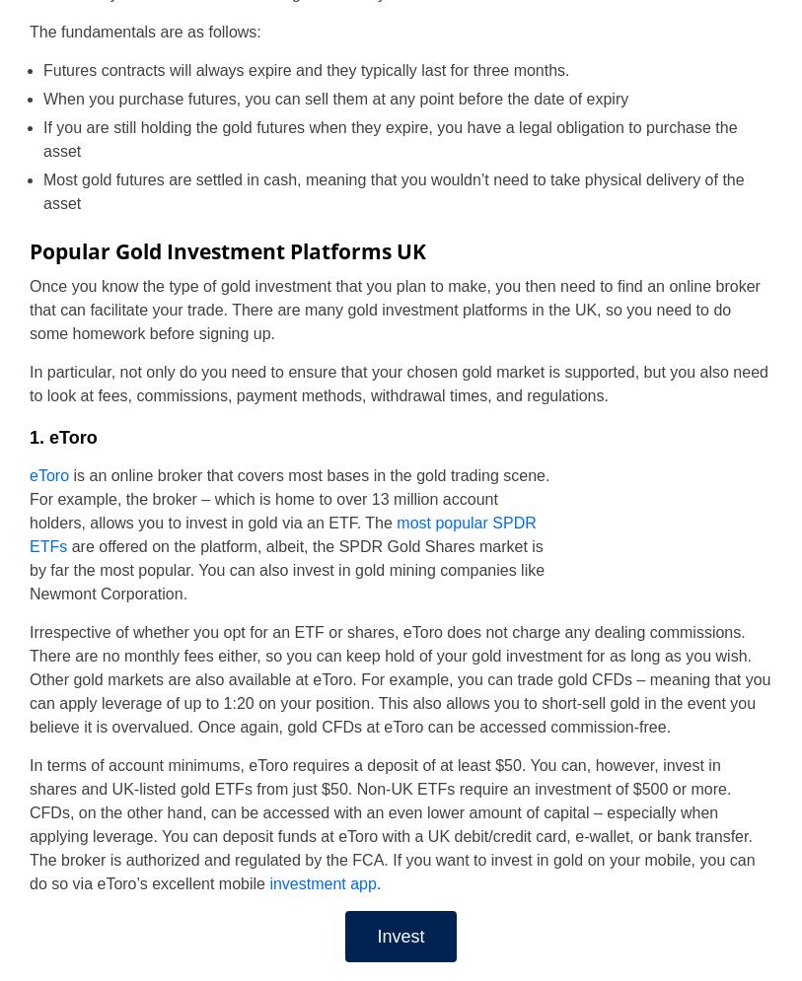 The width and height of the screenshot is (802, 981). Describe the element at coordinates (400, 937) in the screenshot. I see `'Invest'` at that location.